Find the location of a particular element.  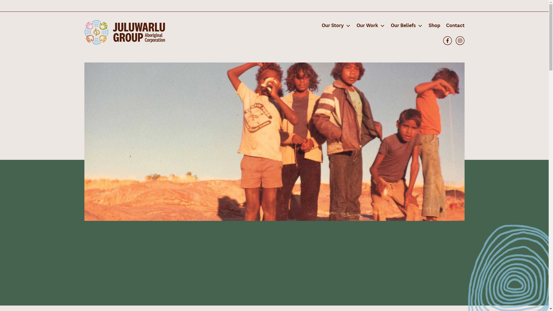

'Our Work' is located at coordinates (371, 25).